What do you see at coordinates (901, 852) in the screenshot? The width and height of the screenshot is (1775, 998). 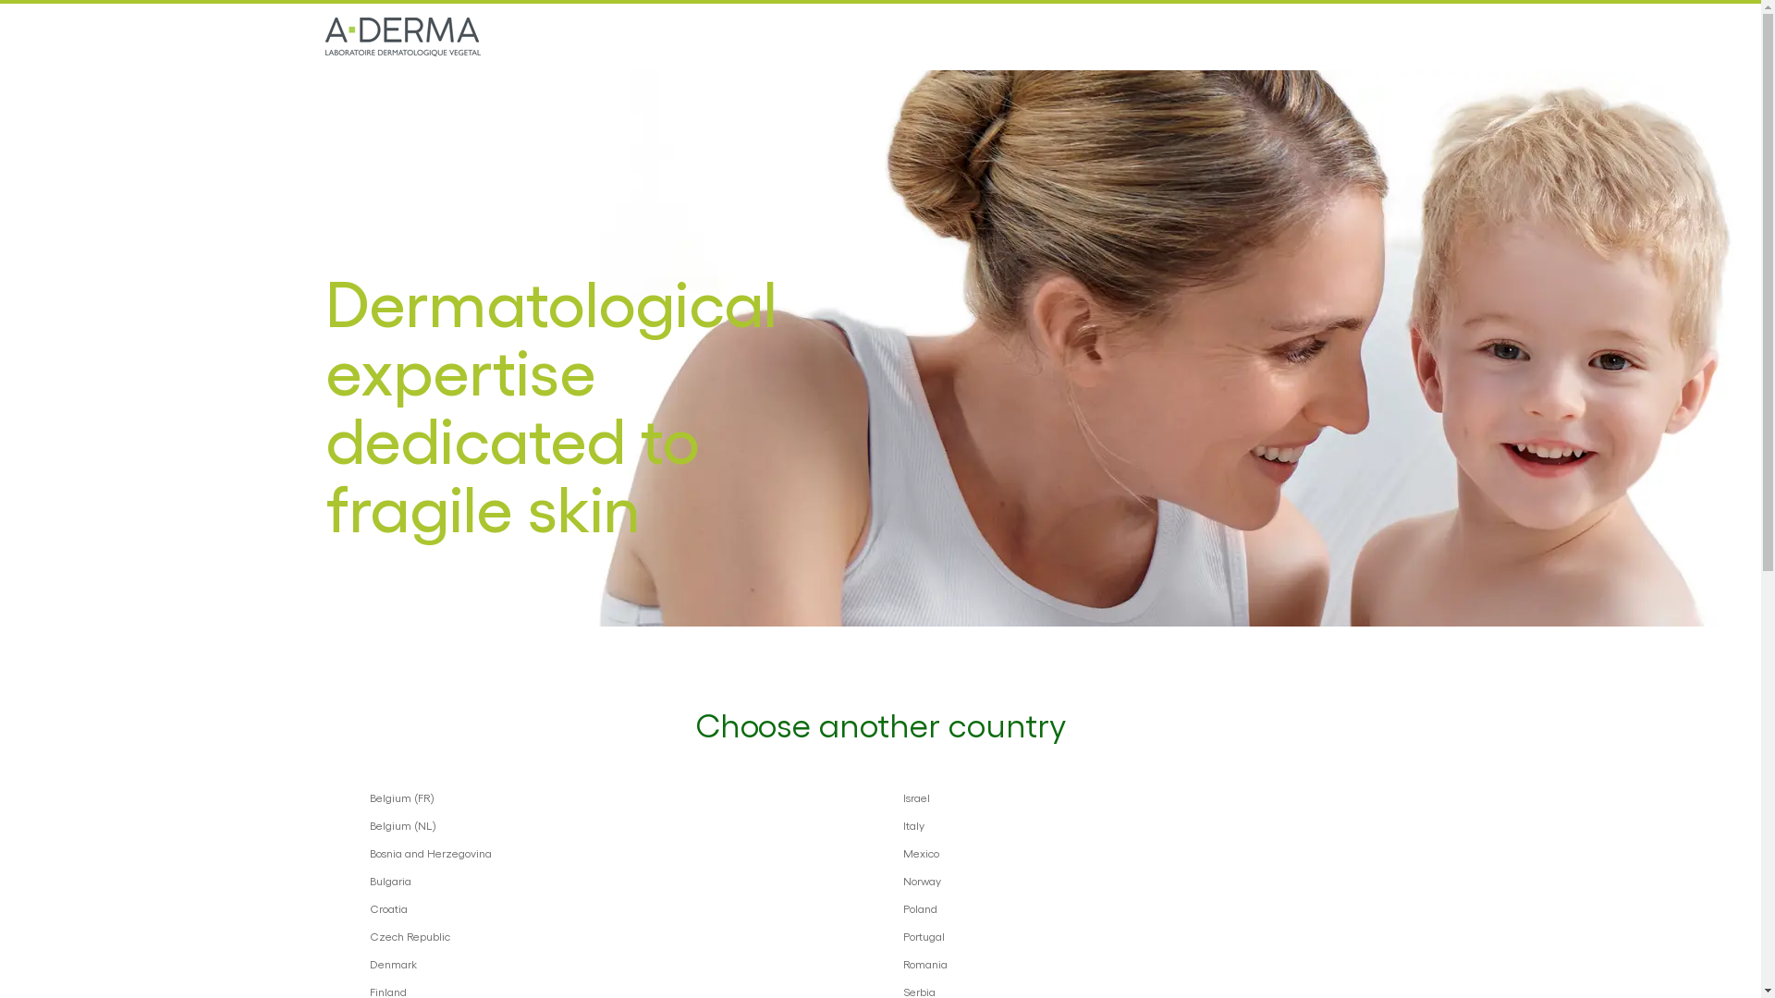 I see `'Mexico'` at bounding box center [901, 852].